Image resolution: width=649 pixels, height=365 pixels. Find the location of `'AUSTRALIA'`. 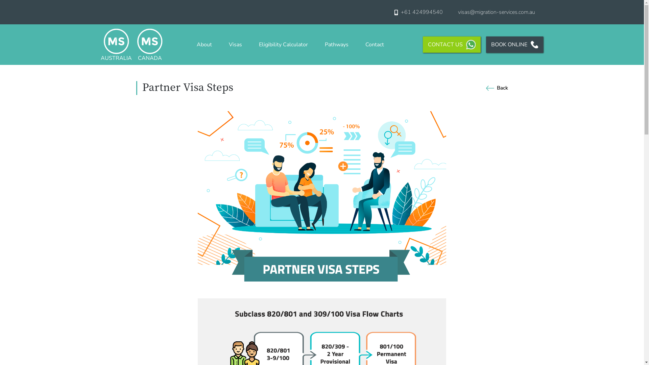

'AUSTRALIA' is located at coordinates (100, 44).